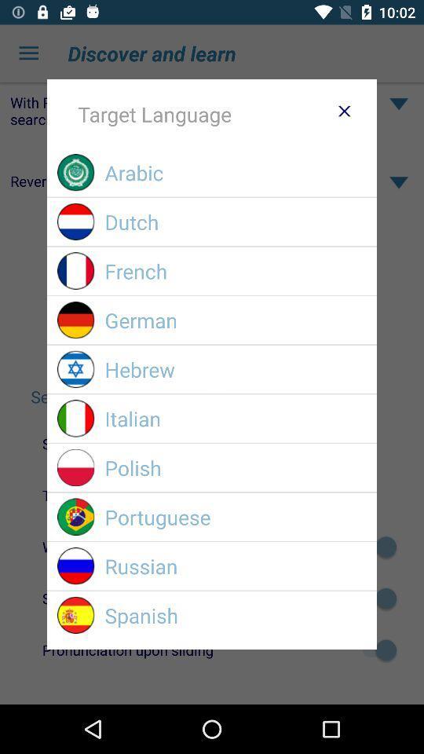 The image size is (424, 754). What do you see at coordinates (235, 221) in the screenshot?
I see `the item above french icon` at bounding box center [235, 221].